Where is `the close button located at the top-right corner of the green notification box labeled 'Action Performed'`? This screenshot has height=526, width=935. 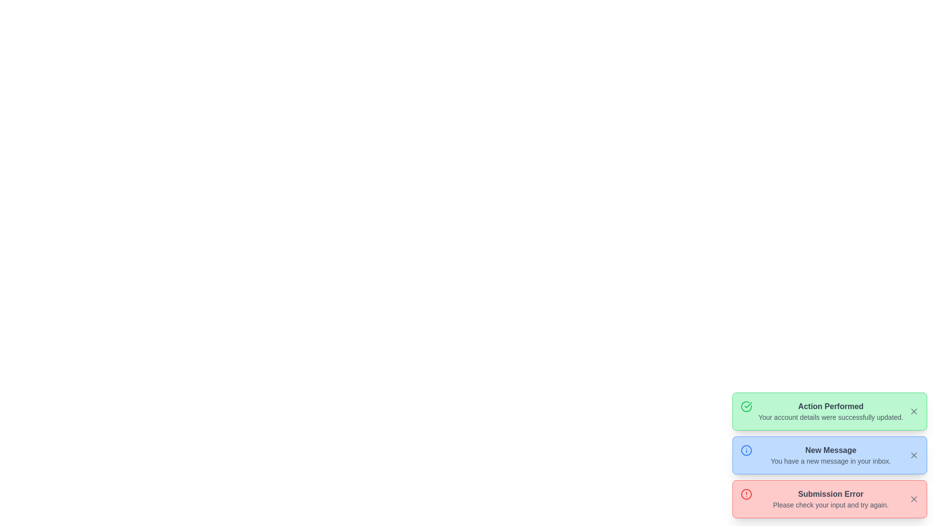
the close button located at the top-right corner of the green notification box labeled 'Action Performed' is located at coordinates (913, 411).